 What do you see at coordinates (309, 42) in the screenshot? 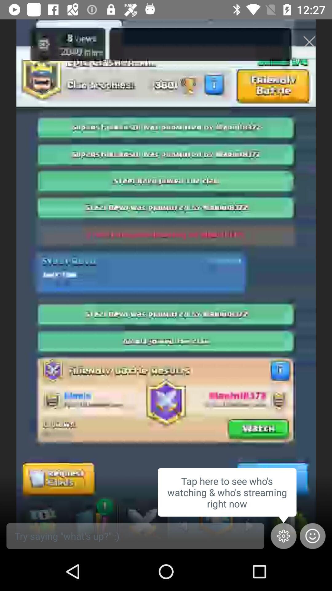
I see `the close icon` at bounding box center [309, 42].